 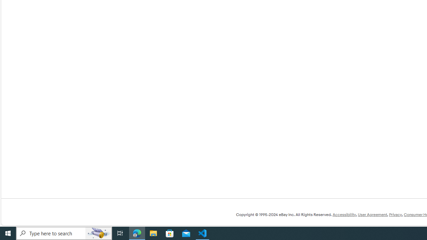 What do you see at coordinates (344, 215) in the screenshot?
I see `'Accessibility'` at bounding box center [344, 215].